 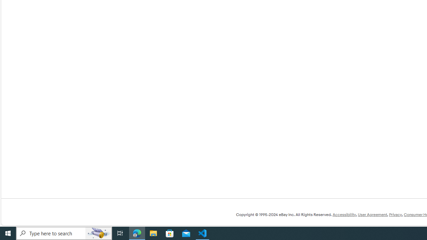 What do you see at coordinates (344, 215) in the screenshot?
I see `'Accessibility'` at bounding box center [344, 215].